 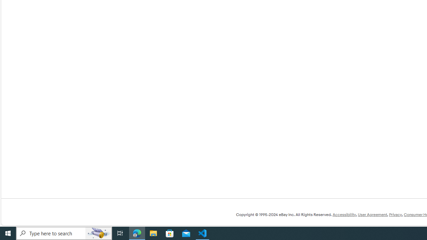 What do you see at coordinates (344, 215) in the screenshot?
I see `'Accessibility'` at bounding box center [344, 215].